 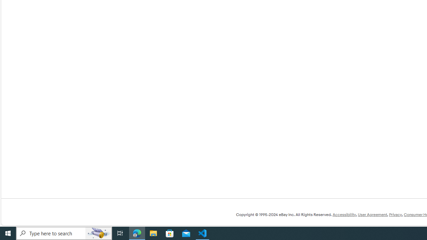 What do you see at coordinates (344, 215) in the screenshot?
I see `'Accessibility'` at bounding box center [344, 215].